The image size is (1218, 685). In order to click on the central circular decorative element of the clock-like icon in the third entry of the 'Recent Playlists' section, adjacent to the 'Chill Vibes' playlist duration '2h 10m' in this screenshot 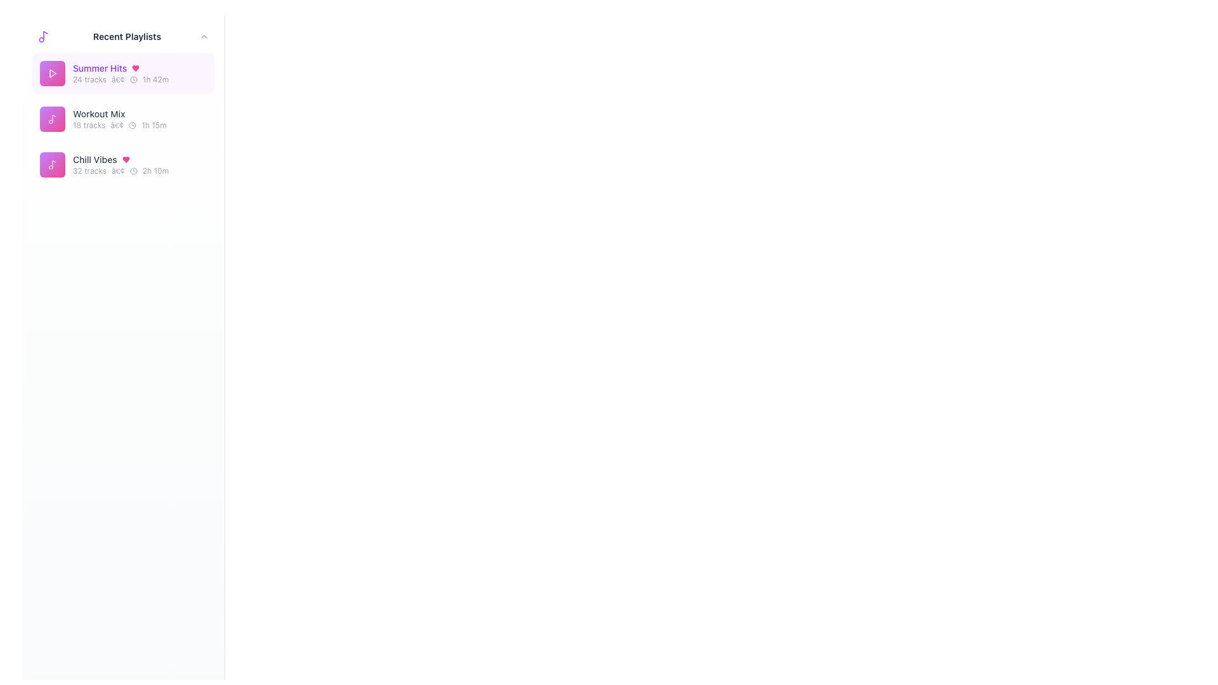, I will do `click(133, 171)`.